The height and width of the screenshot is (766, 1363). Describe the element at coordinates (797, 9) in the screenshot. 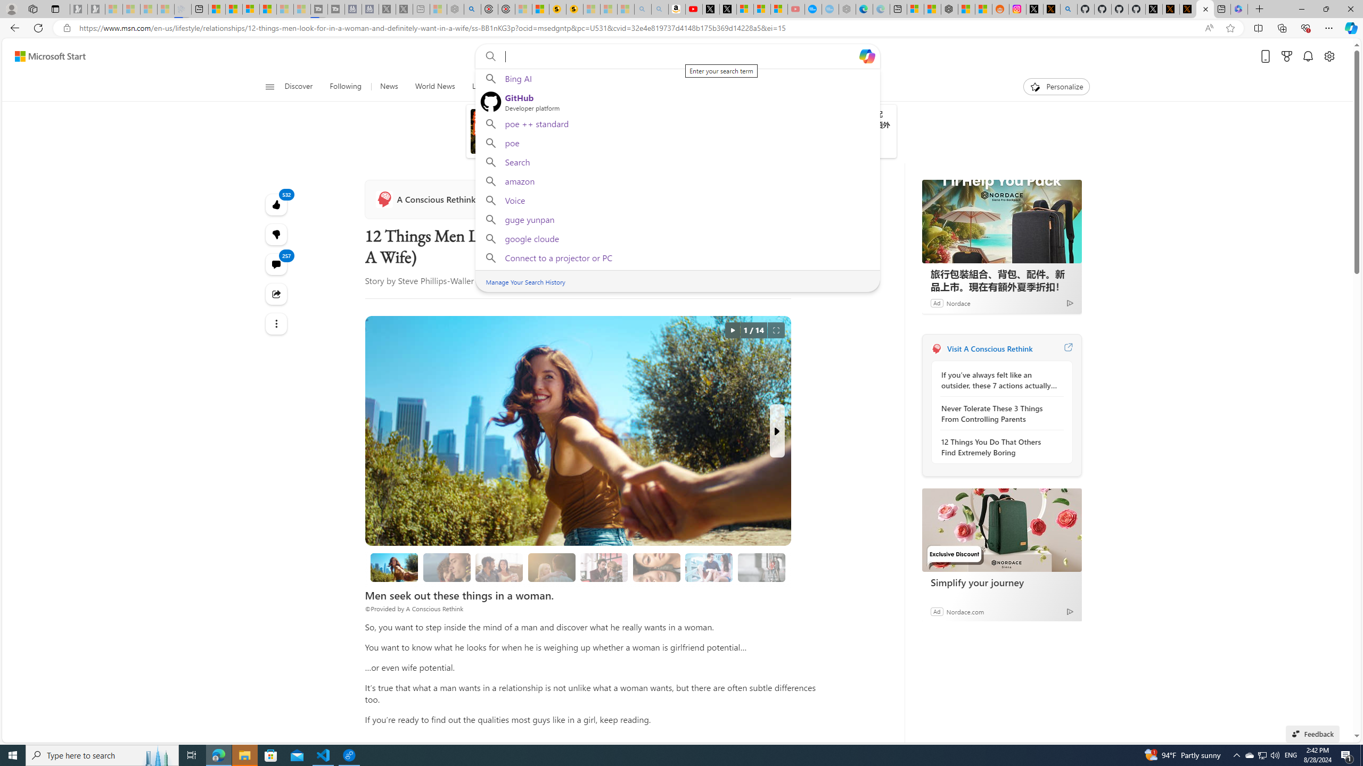

I see `'Gloom - YouTube - Sleeping'` at that location.